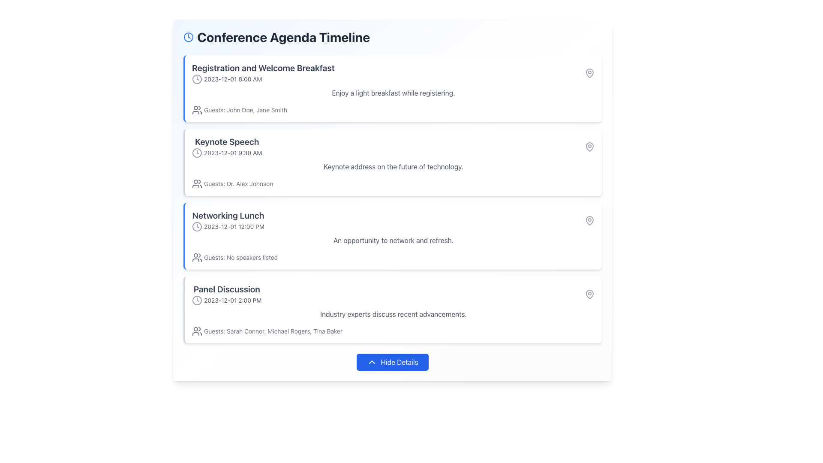 Image resolution: width=823 pixels, height=463 pixels. What do you see at coordinates (227, 147) in the screenshot?
I see `text for event information from the Text block with icon that conveys the title and scheduled time of the Keynote Speech event within the second card of the 'Conference Agenda Timeline' interface` at bounding box center [227, 147].